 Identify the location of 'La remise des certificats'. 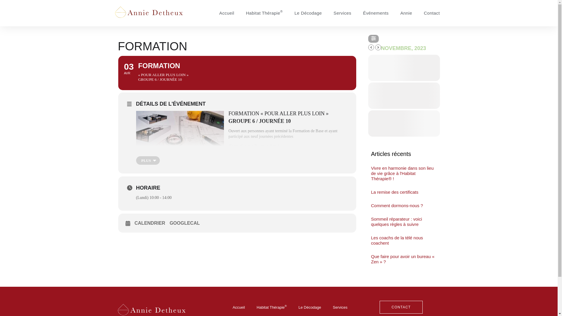
(395, 192).